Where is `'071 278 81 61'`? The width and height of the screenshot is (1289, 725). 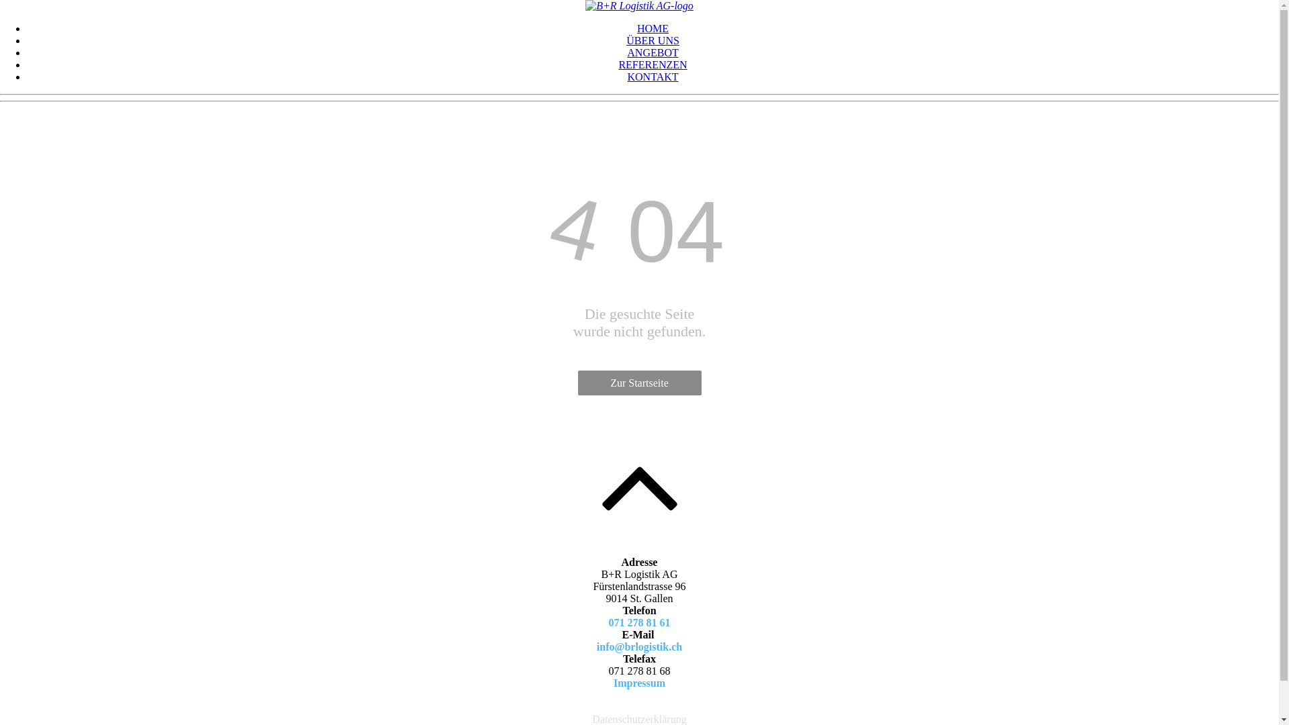 '071 278 81 61' is located at coordinates (638, 622).